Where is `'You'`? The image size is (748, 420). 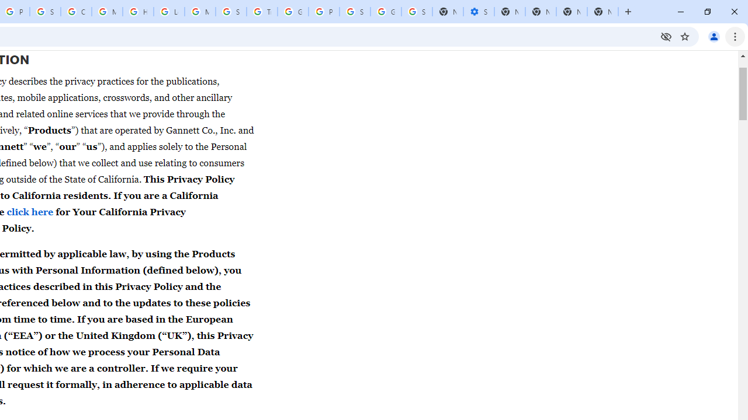
'You' is located at coordinates (713, 36).